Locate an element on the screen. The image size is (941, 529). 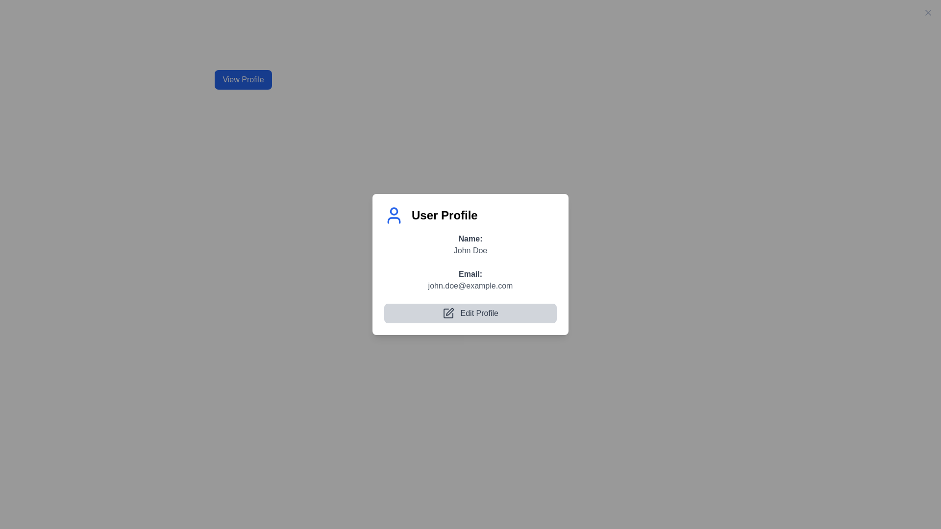
text content of the Text Display Pair labeled 'Name:' and 'John Doe', which is the first information item in the User Profile section is located at coordinates (470, 243).